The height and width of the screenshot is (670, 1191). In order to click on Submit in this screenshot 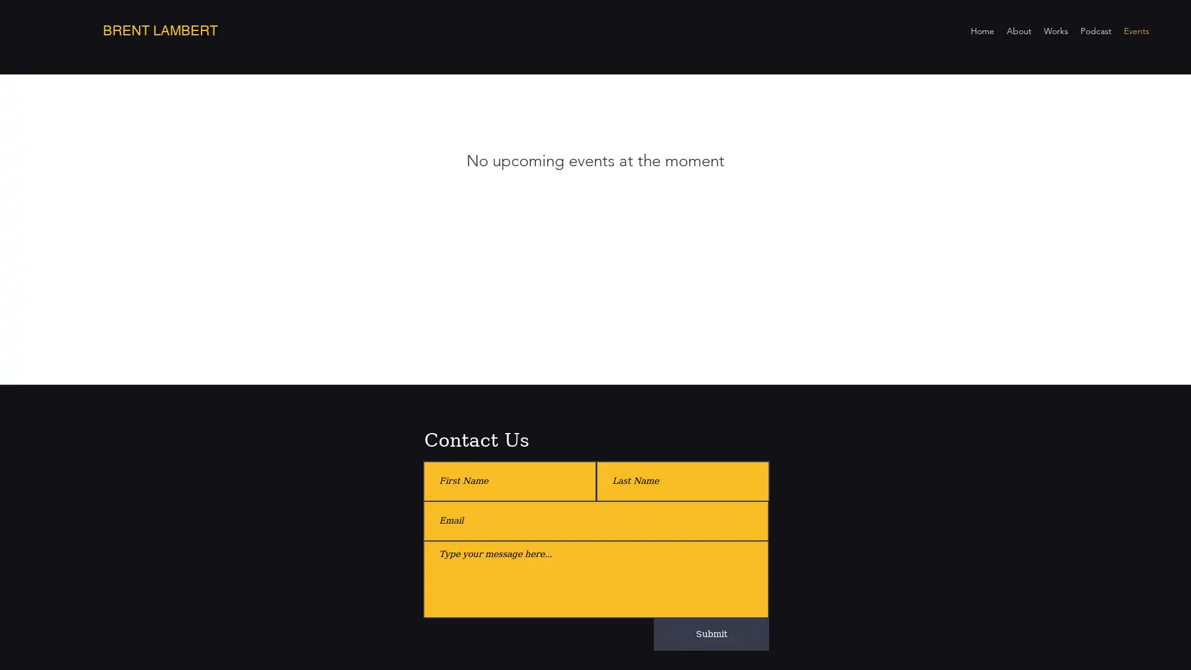, I will do `click(711, 634)`.